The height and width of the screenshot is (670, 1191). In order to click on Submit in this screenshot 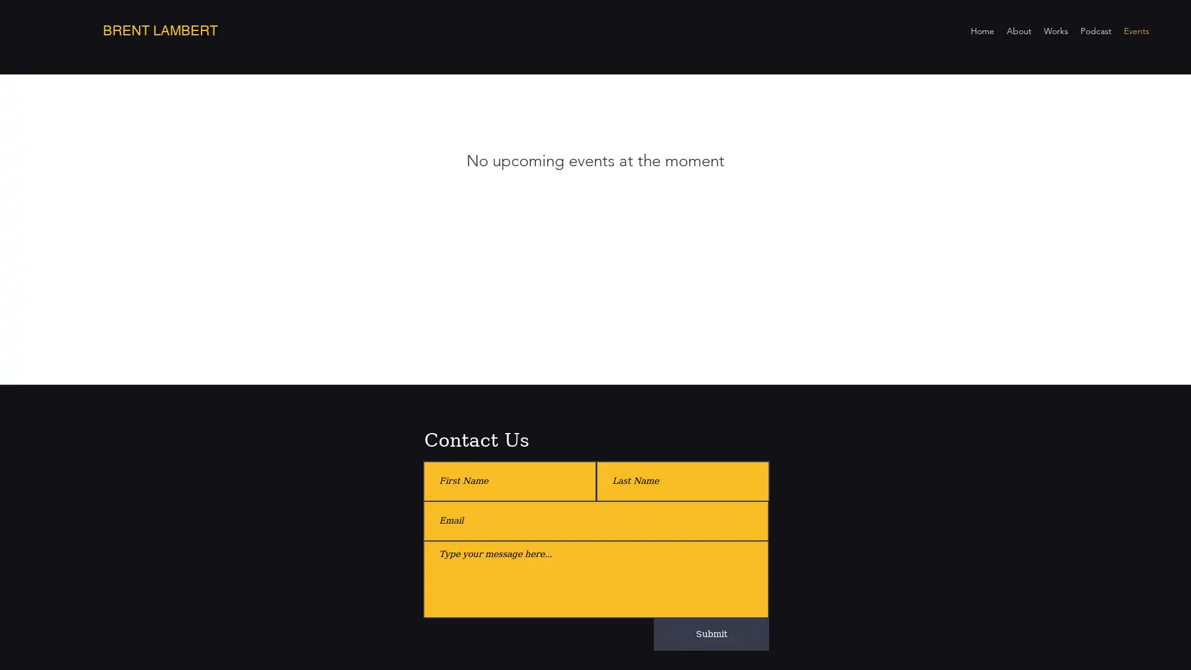, I will do `click(711, 634)`.